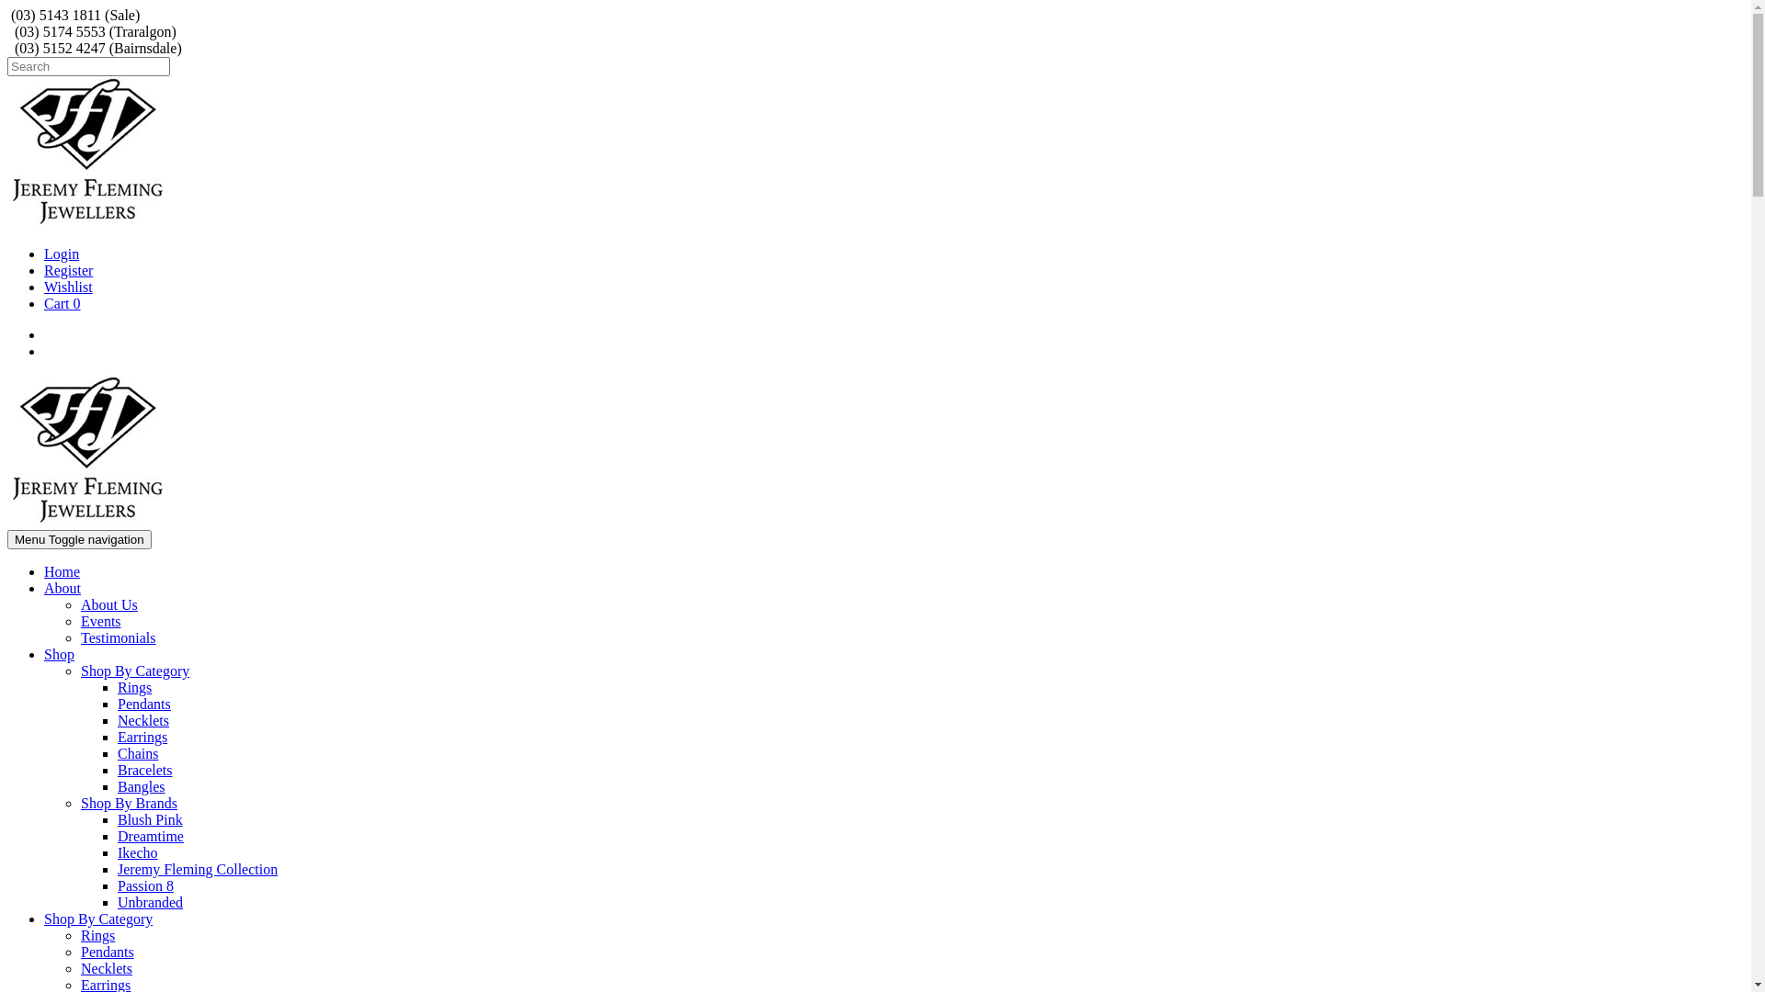 The height and width of the screenshot is (992, 1765). What do you see at coordinates (97, 935) in the screenshot?
I see `'Rings'` at bounding box center [97, 935].